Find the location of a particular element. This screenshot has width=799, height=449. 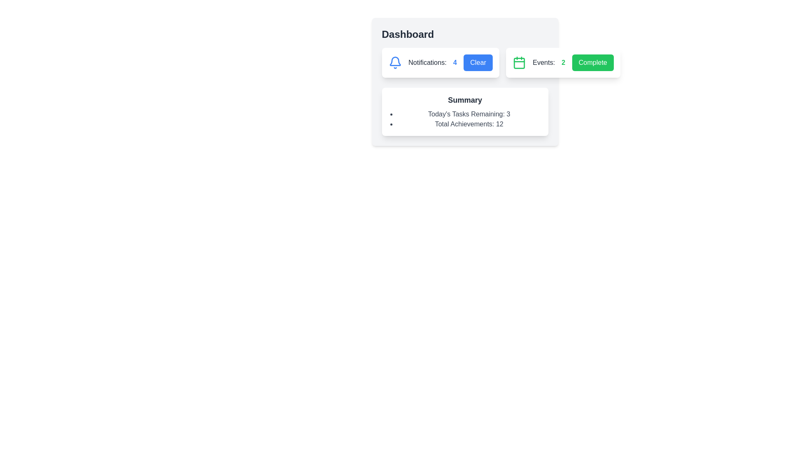

the blue bell icon on the white rounded notification card, which is the leftmost icon in the notification section is located at coordinates (395, 62).